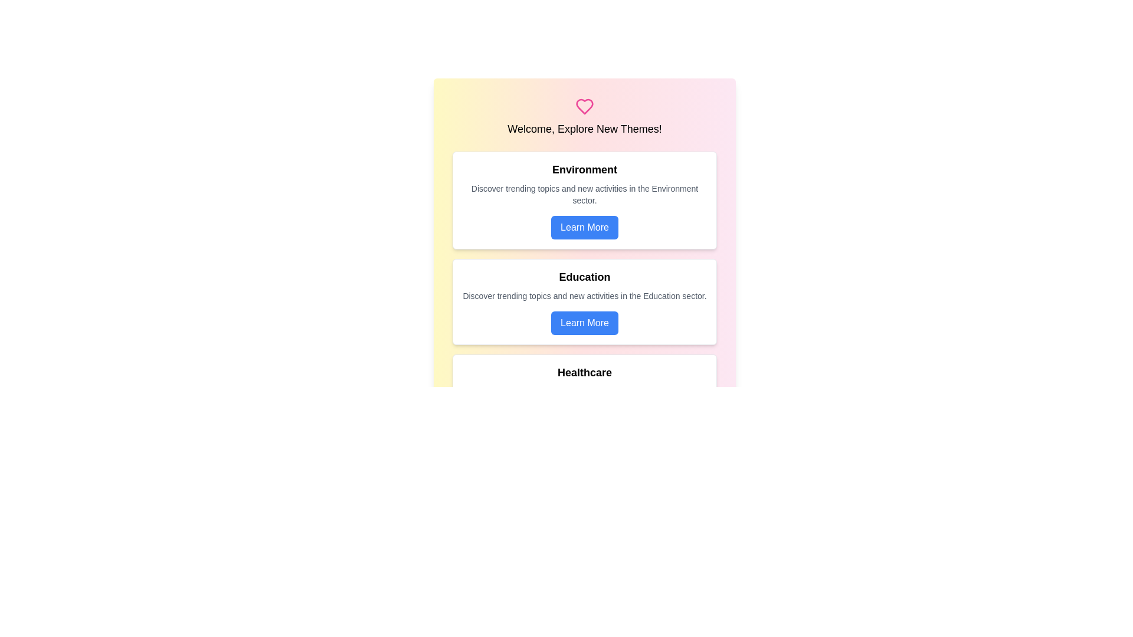 Image resolution: width=1133 pixels, height=637 pixels. Describe the element at coordinates (584, 373) in the screenshot. I see `the text label or heading at the top of the third card in the stacked layout that summarizes content related to the Healthcare sector` at that location.